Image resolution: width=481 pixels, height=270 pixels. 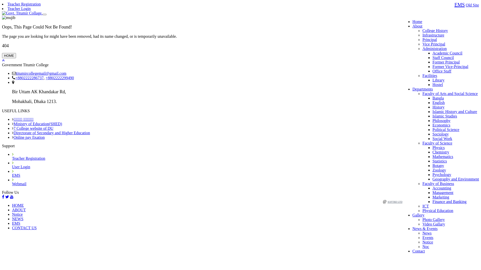 What do you see at coordinates (16, 223) in the screenshot?
I see `'EMS'` at bounding box center [16, 223].